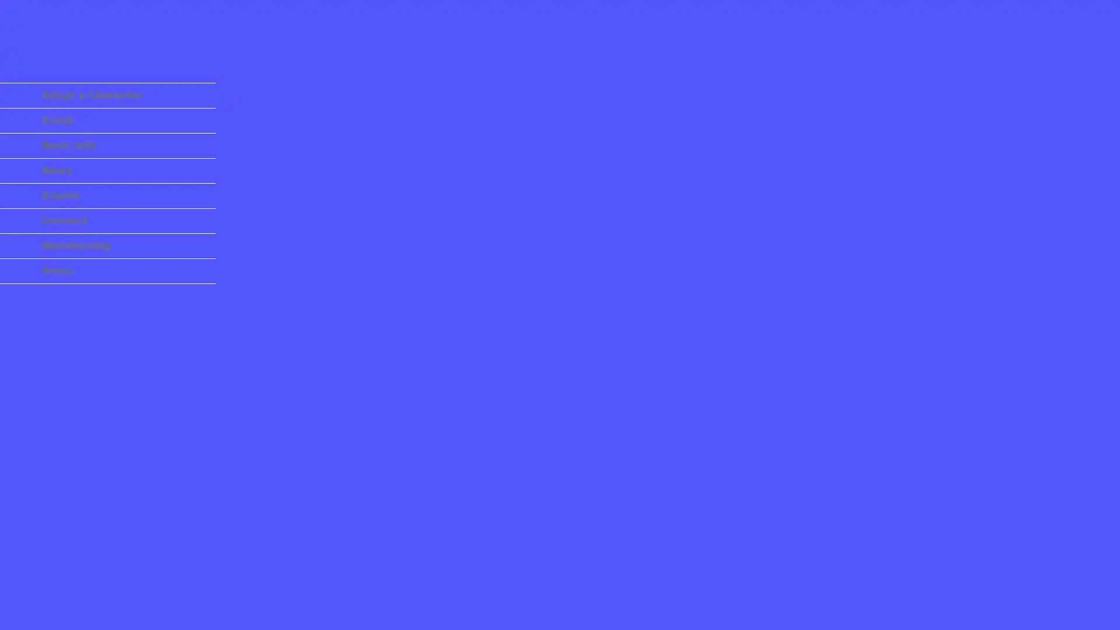 The image size is (1120, 630). I want to click on U+0918, so click(895, 317).